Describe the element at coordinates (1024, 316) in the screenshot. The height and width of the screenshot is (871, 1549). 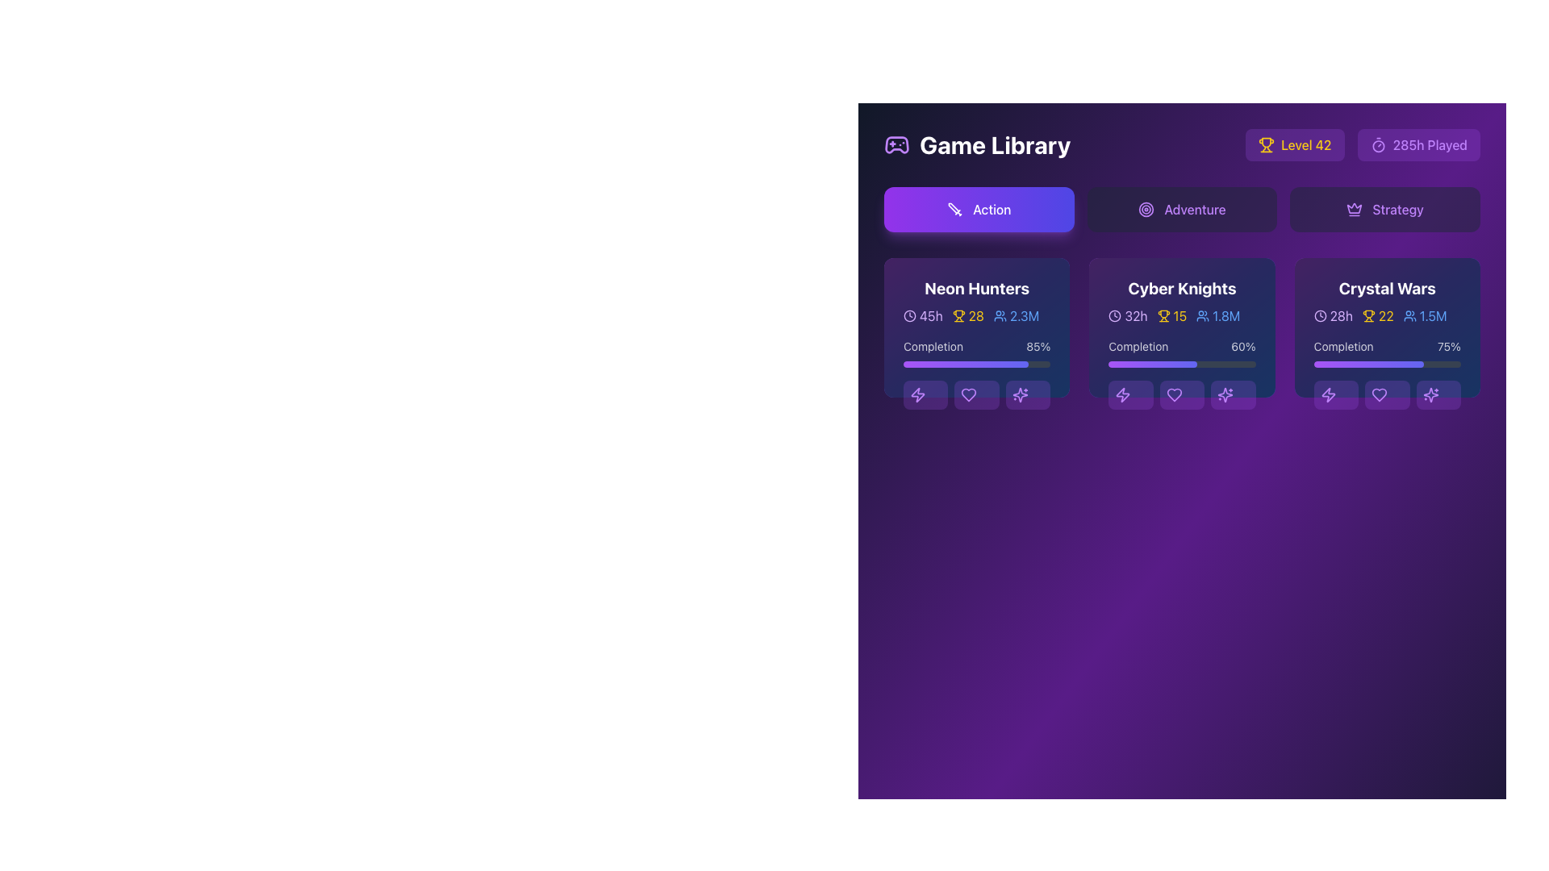
I see `the static text label displaying '2.3M' in light blue font, located next to a small user icon and part of user-related statistics` at that location.